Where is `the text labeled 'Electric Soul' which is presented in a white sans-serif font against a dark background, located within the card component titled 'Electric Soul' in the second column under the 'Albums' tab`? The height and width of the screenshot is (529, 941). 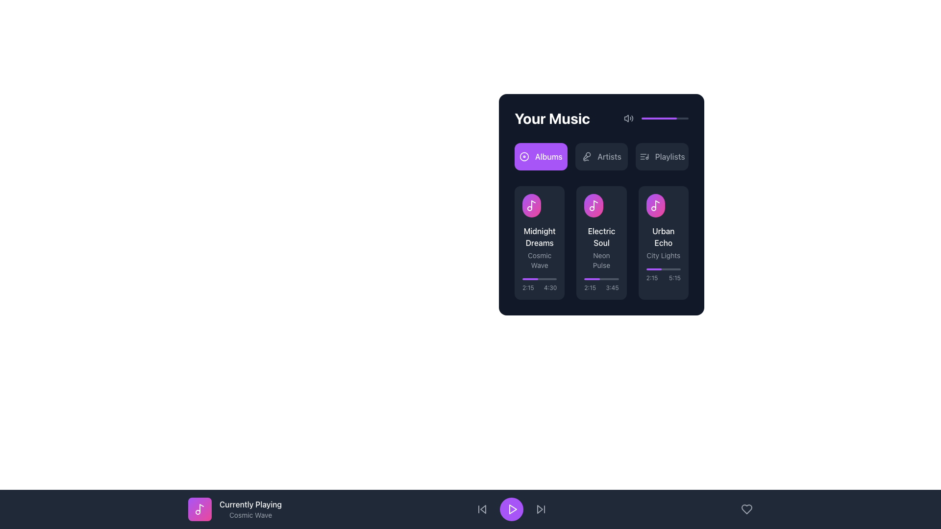 the text labeled 'Electric Soul' which is presented in a white sans-serif font against a dark background, located within the card component titled 'Electric Soul' in the second column under the 'Albums' tab is located at coordinates (601, 237).